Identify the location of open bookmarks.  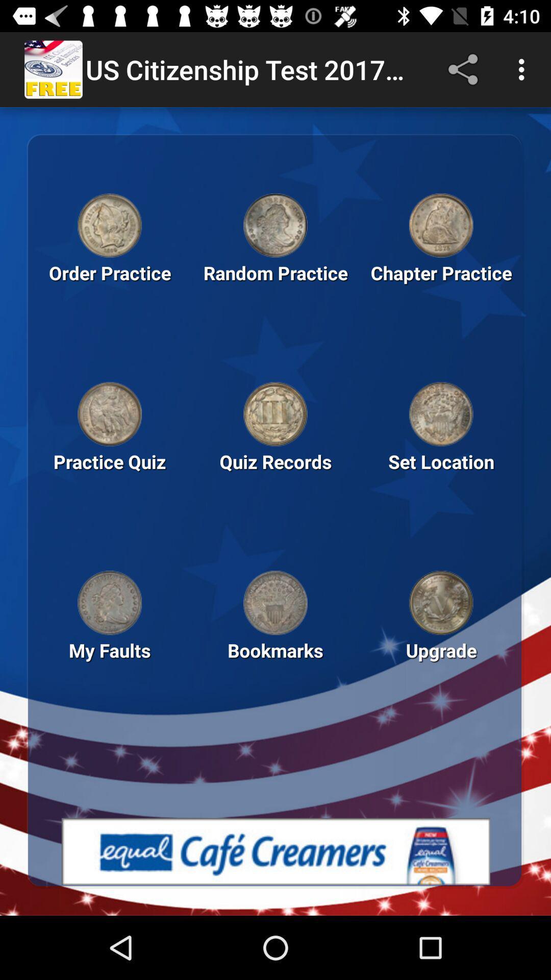
(275, 603).